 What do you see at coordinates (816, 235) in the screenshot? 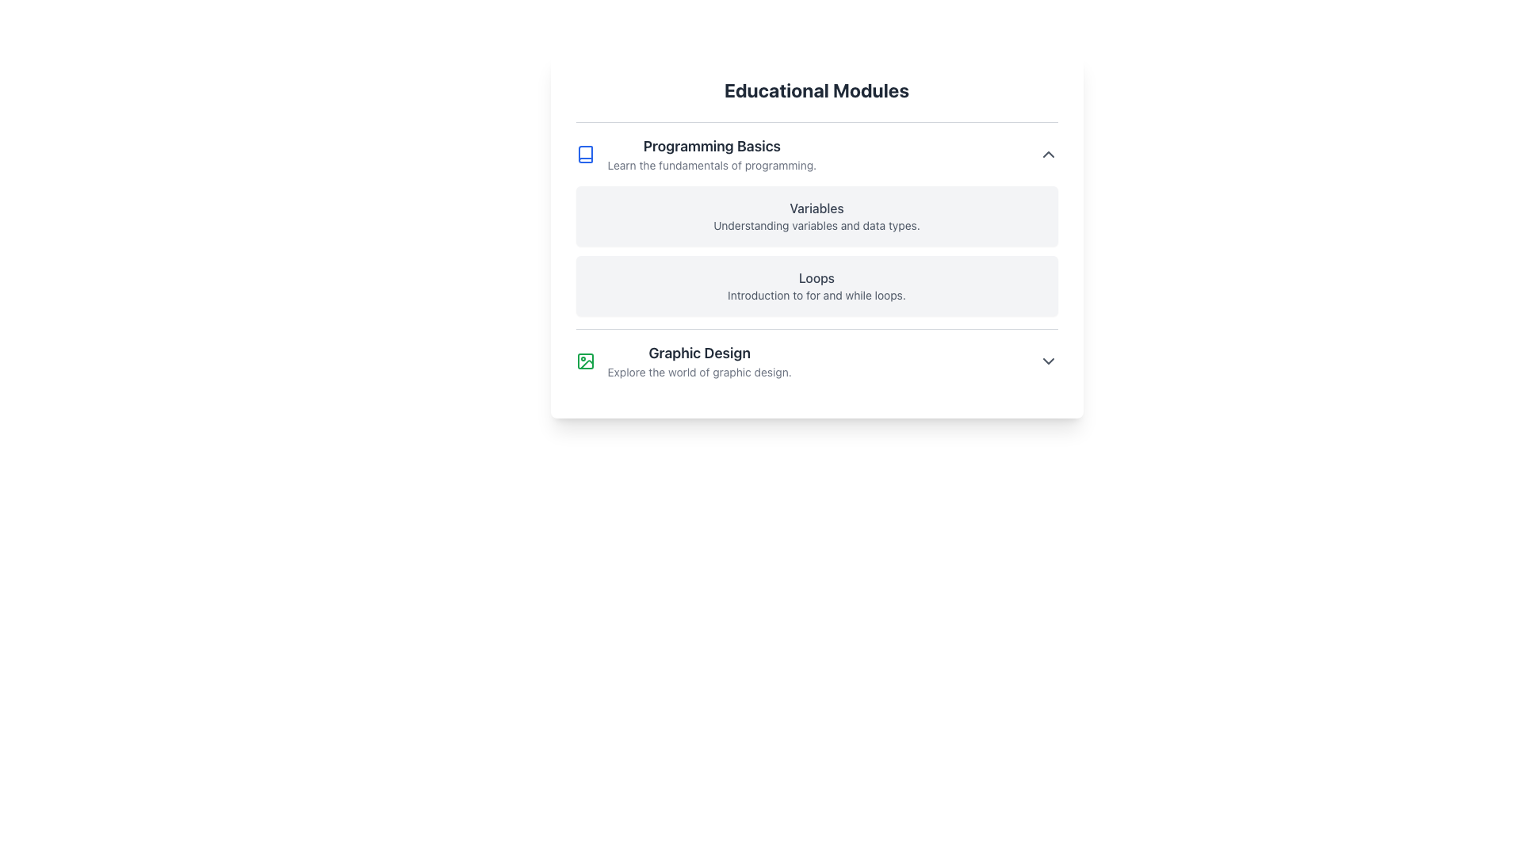
I see `displayed content of the second card under the 'Programming Basics' section in the 'Educational Modules' area` at bounding box center [816, 235].